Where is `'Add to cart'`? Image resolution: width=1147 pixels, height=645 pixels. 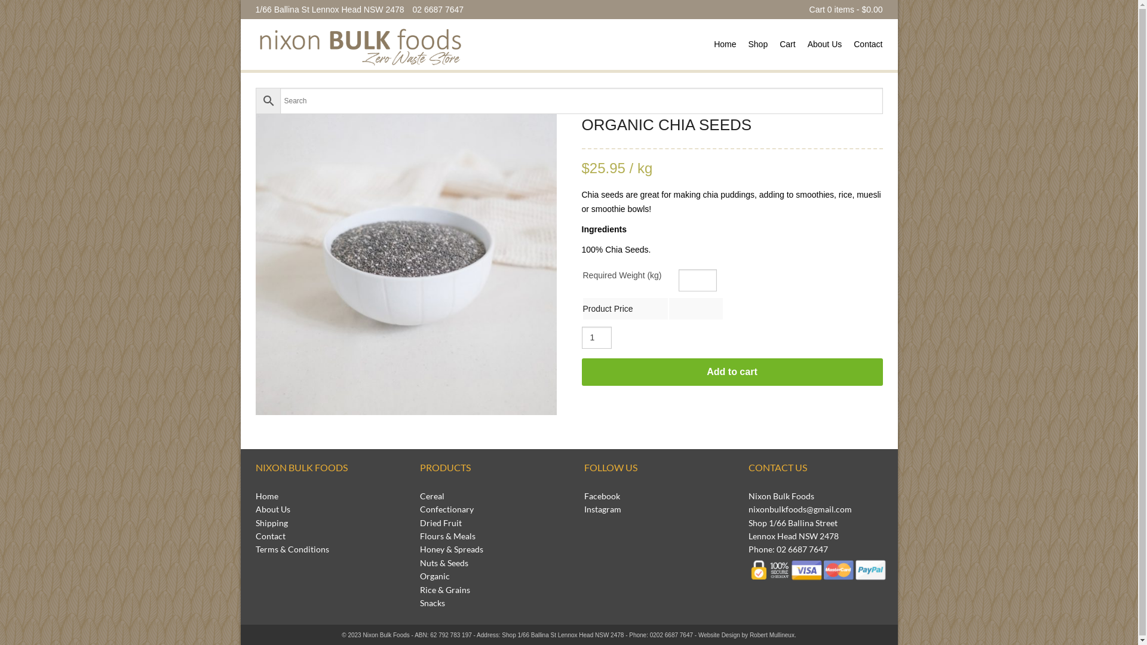 'Add to cart' is located at coordinates (582, 371).